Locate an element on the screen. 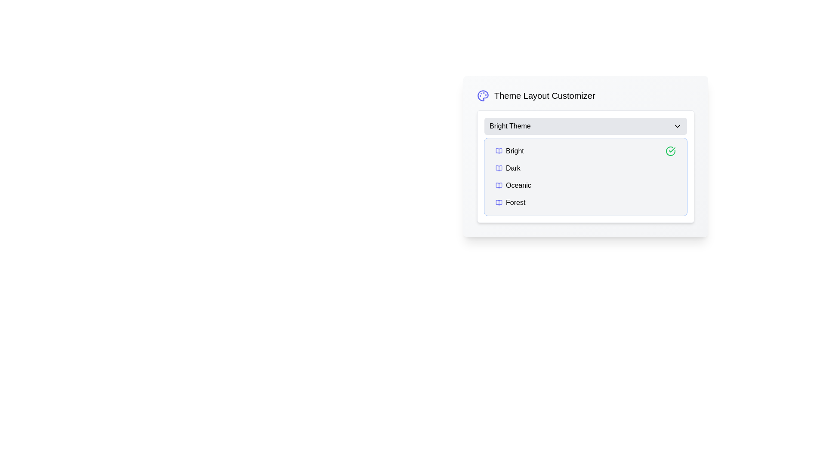  the downward-pointing chevron icon that opens the dropdown menu in the theme selector UI is located at coordinates (677, 126).